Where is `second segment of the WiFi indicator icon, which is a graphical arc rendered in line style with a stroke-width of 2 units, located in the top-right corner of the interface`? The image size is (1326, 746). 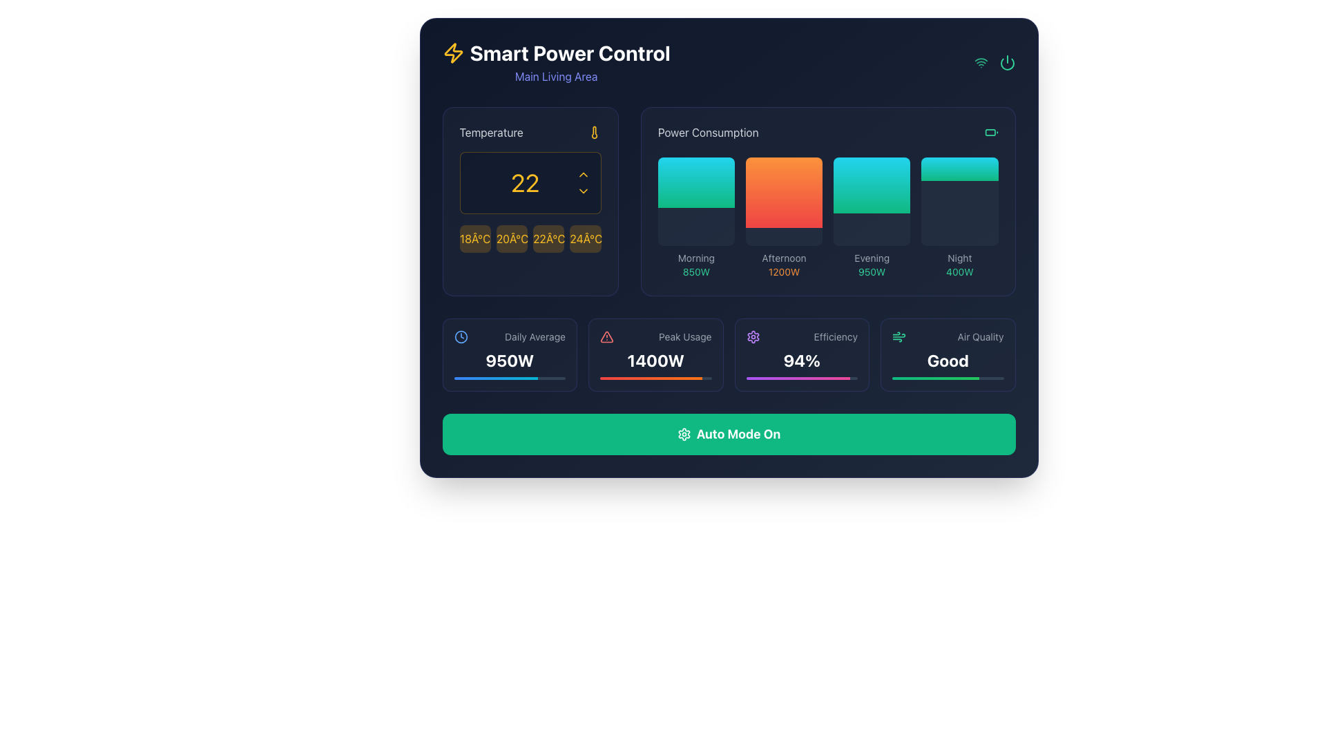
second segment of the WiFi indicator icon, which is a graphical arc rendered in line style with a stroke-width of 2 units, located in the top-right corner of the interface is located at coordinates (980, 59).